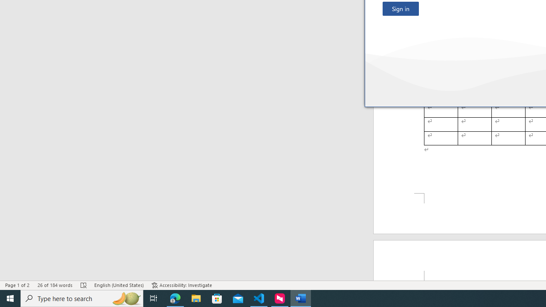  Describe the element at coordinates (82, 298) in the screenshot. I see `'Type here to search'` at that location.